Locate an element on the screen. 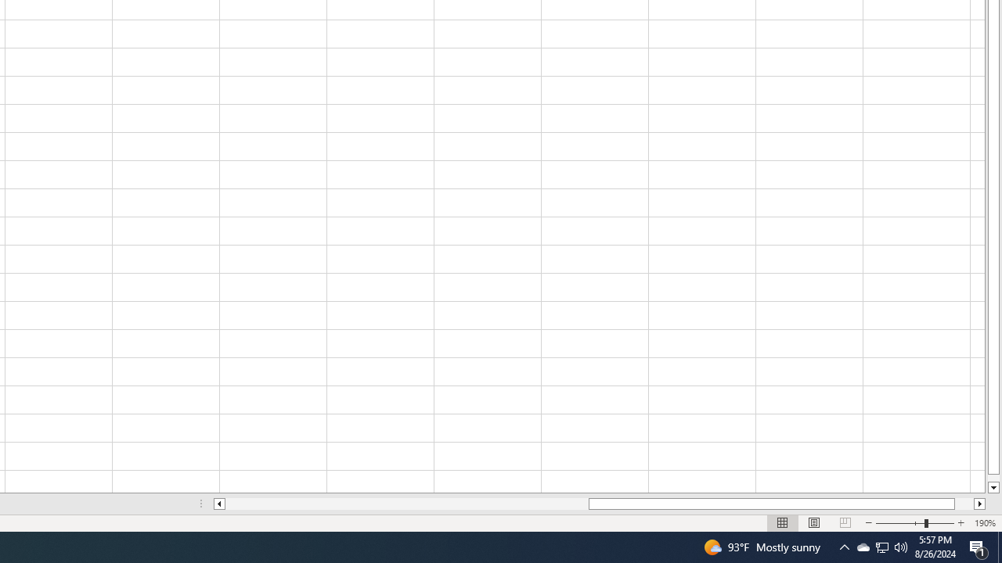 Image resolution: width=1002 pixels, height=563 pixels. 'Page Break Preview' is located at coordinates (844, 523).